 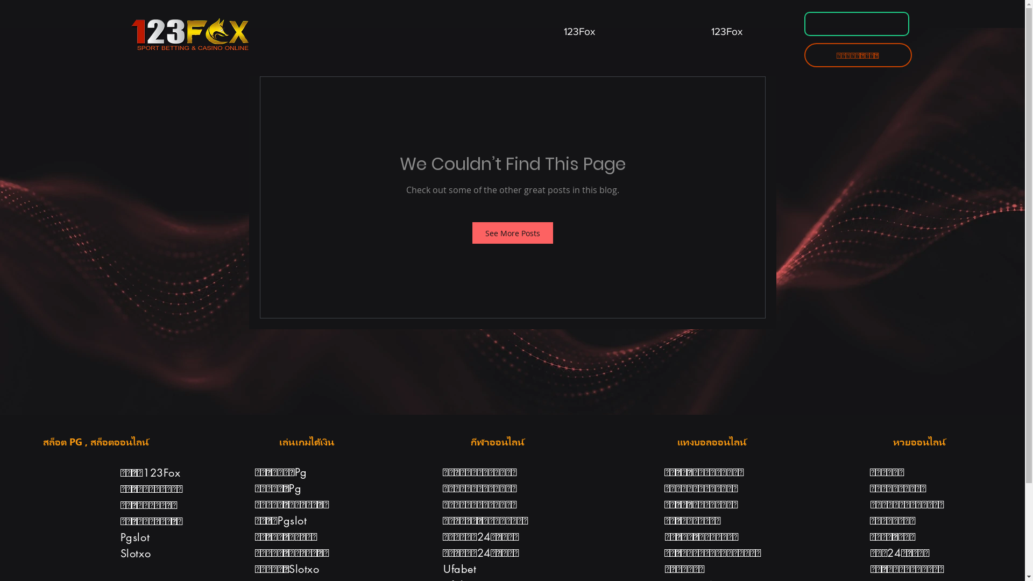 What do you see at coordinates (512, 232) in the screenshot?
I see `'See More Posts'` at bounding box center [512, 232].